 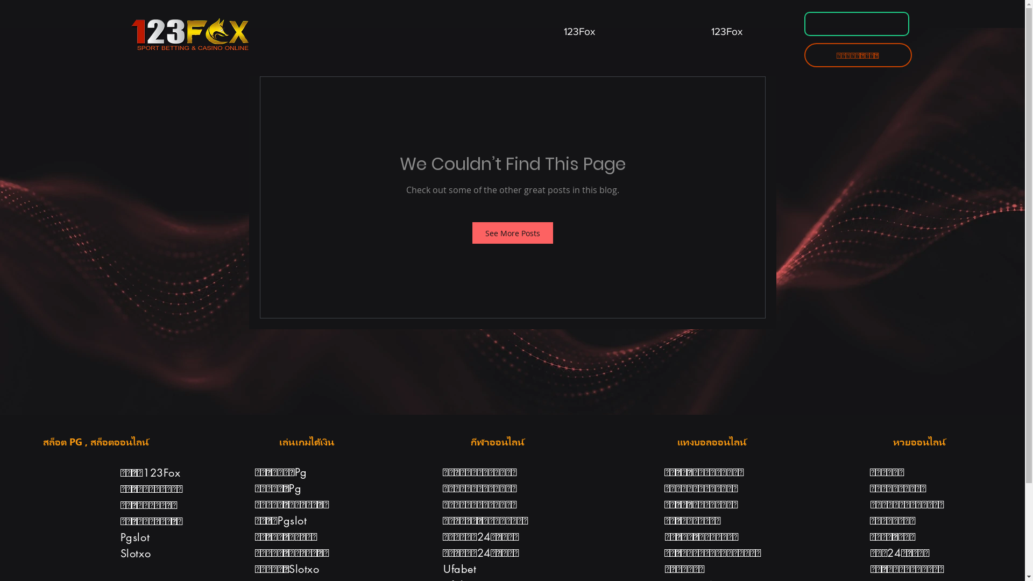 What do you see at coordinates (512, 232) in the screenshot?
I see `'See More Posts'` at bounding box center [512, 232].